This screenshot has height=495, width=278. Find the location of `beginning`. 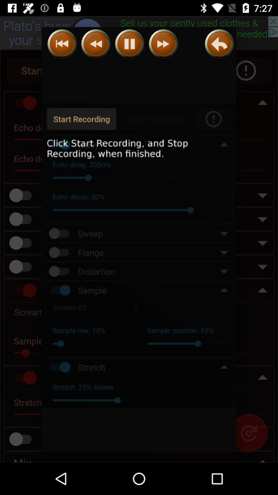

beginning is located at coordinates (62, 44).